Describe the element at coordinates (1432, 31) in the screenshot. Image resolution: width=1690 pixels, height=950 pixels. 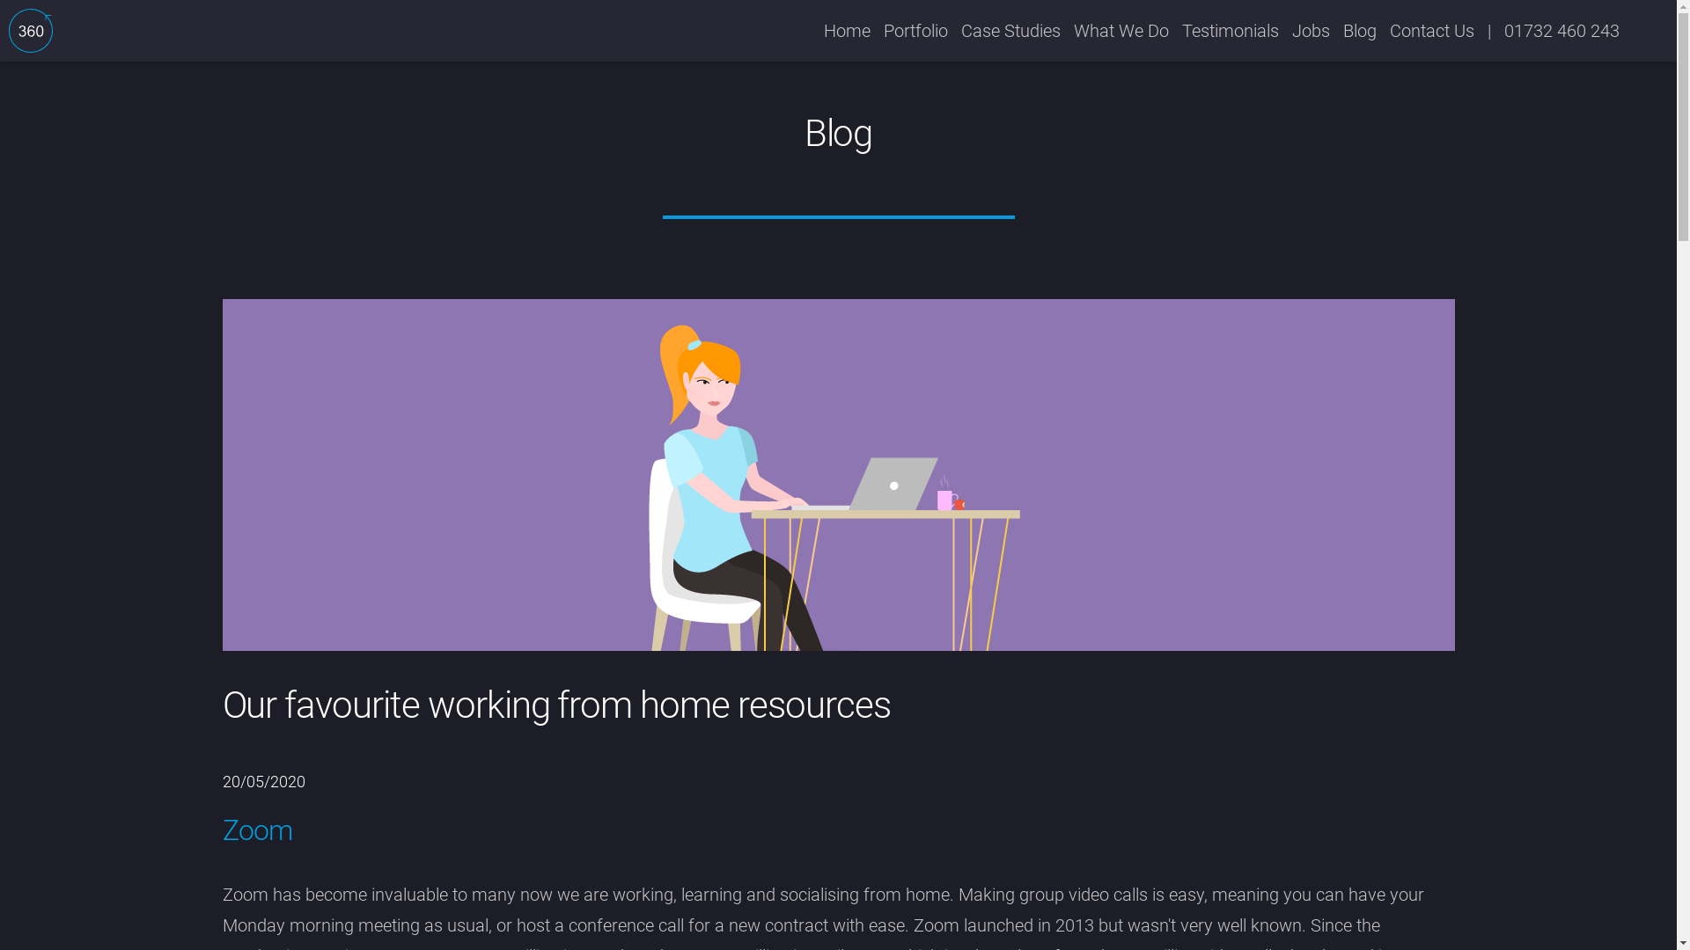
I see `'Contact Us'` at that location.